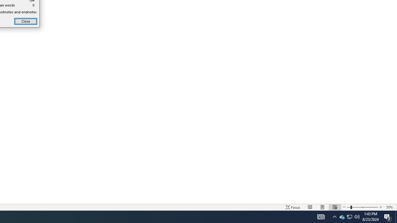 The height and width of the screenshot is (223, 397). Describe the element at coordinates (349, 207) in the screenshot. I see `'Web Layout'` at that location.